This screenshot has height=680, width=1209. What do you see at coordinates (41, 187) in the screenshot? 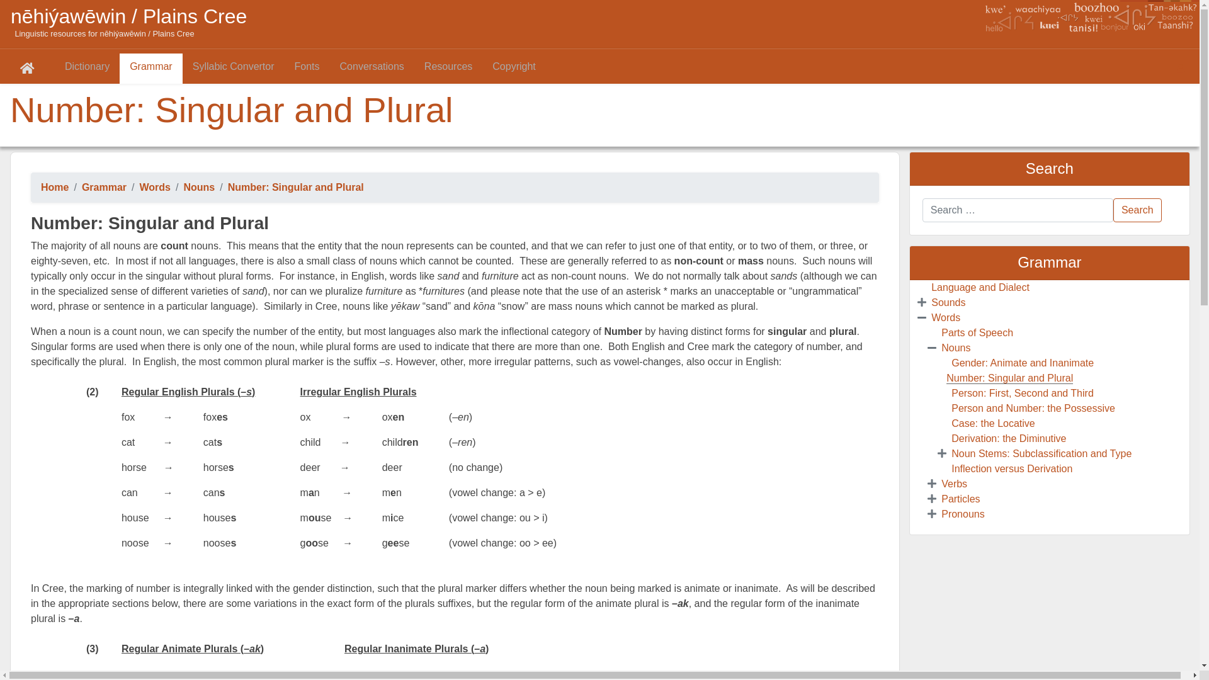
I see `'Home'` at bounding box center [41, 187].